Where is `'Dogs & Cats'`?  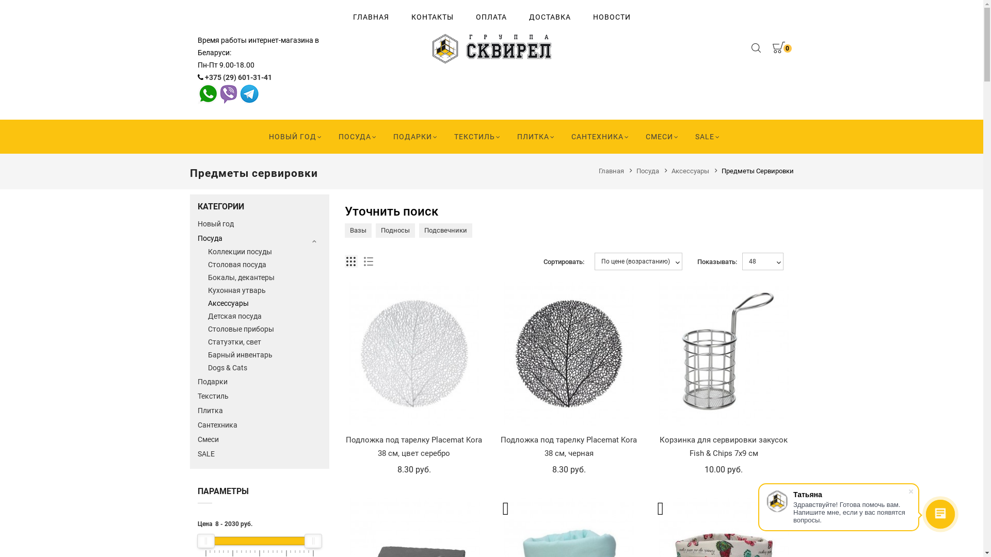 'Dogs & Cats' is located at coordinates (264, 367).